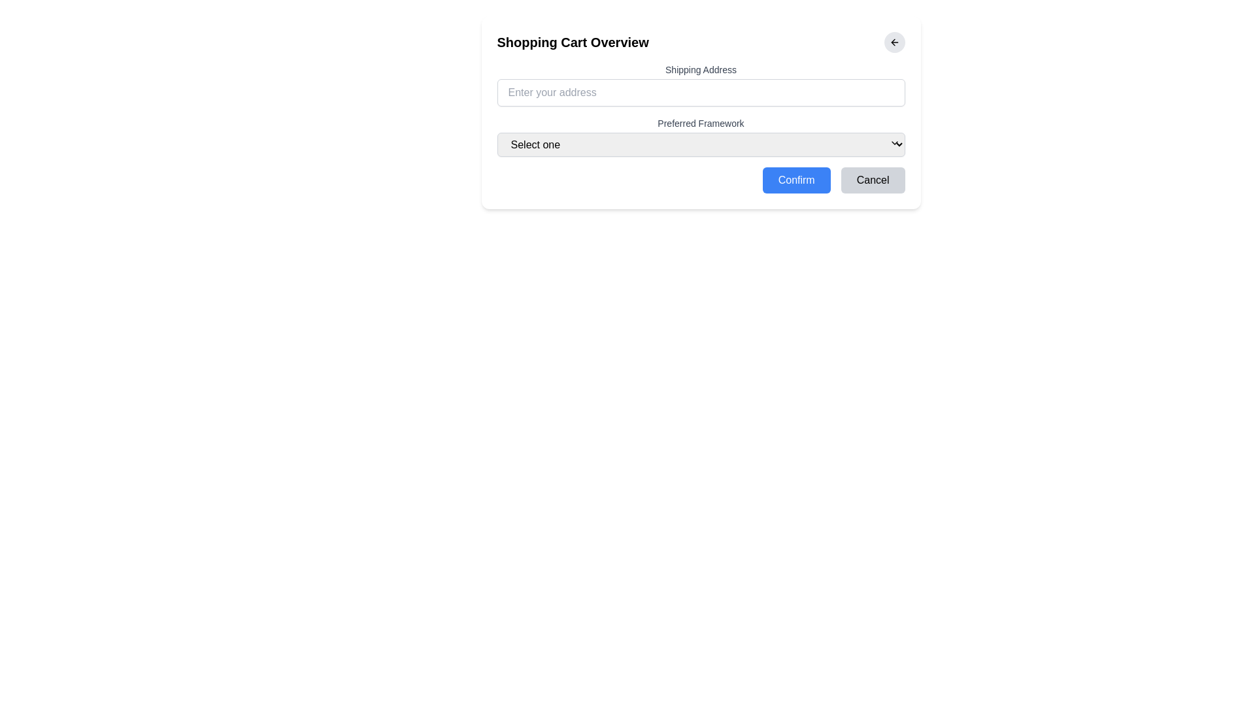  What do you see at coordinates (894, 143) in the screenshot?
I see `the Dropdown Indicator Icon located at the top-right corner of the 'Preferred Framework' dropdown` at bounding box center [894, 143].